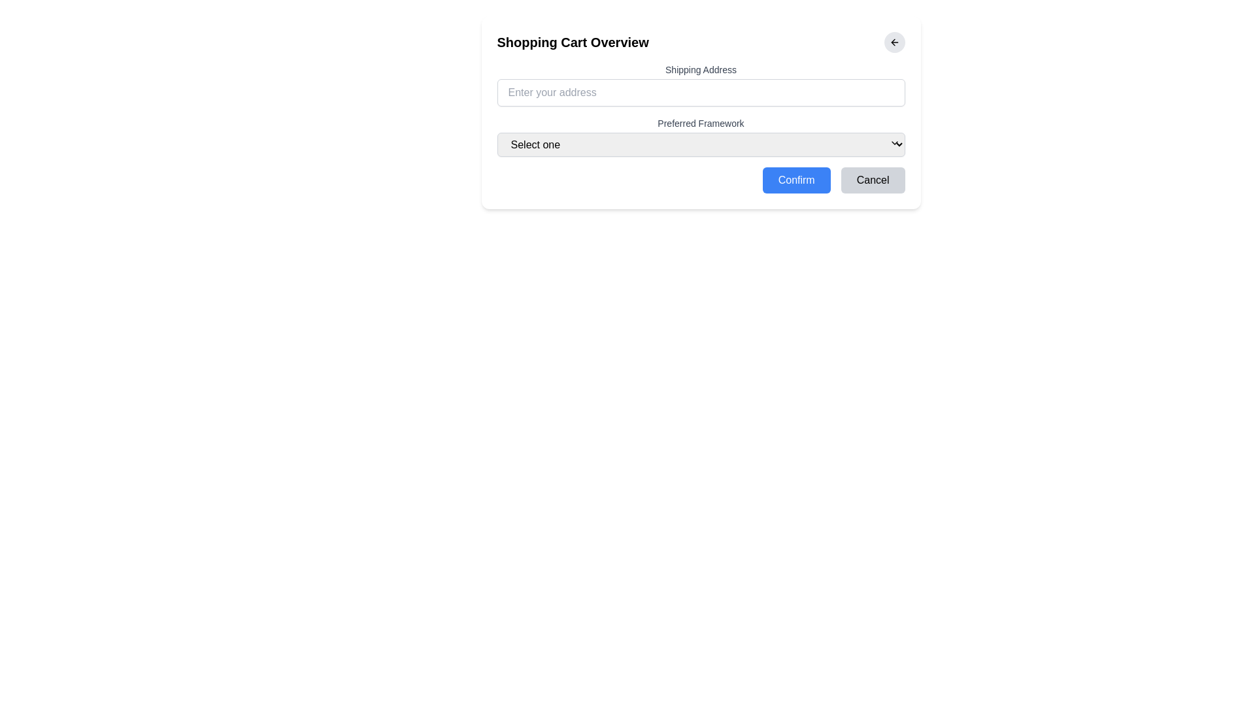  What do you see at coordinates (894, 143) in the screenshot?
I see `the Dropdown Indicator Icon located at the top-right corner of the 'Preferred Framework' dropdown` at bounding box center [894, 143].